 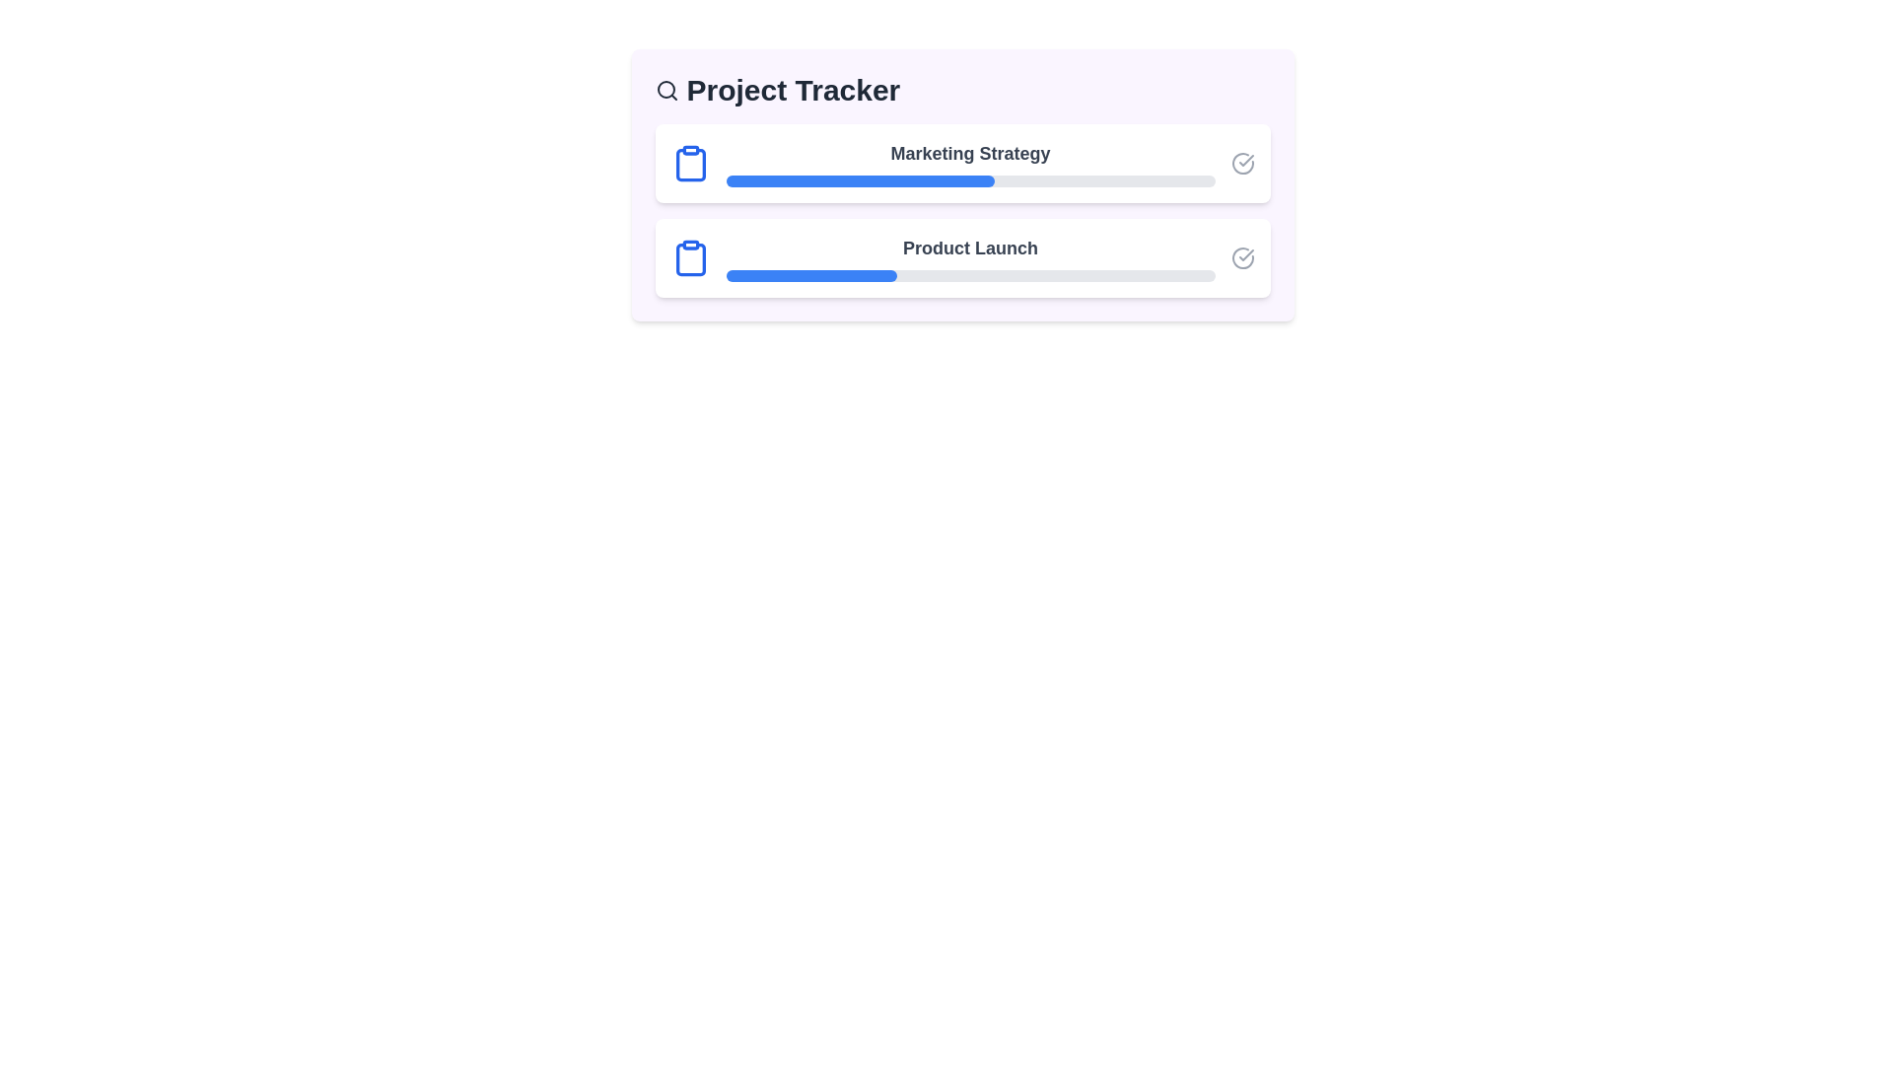 I want to click on the 'CheckCircle' icon for the project titled 'Marketing Strategy', so click(x=1241, y=162).